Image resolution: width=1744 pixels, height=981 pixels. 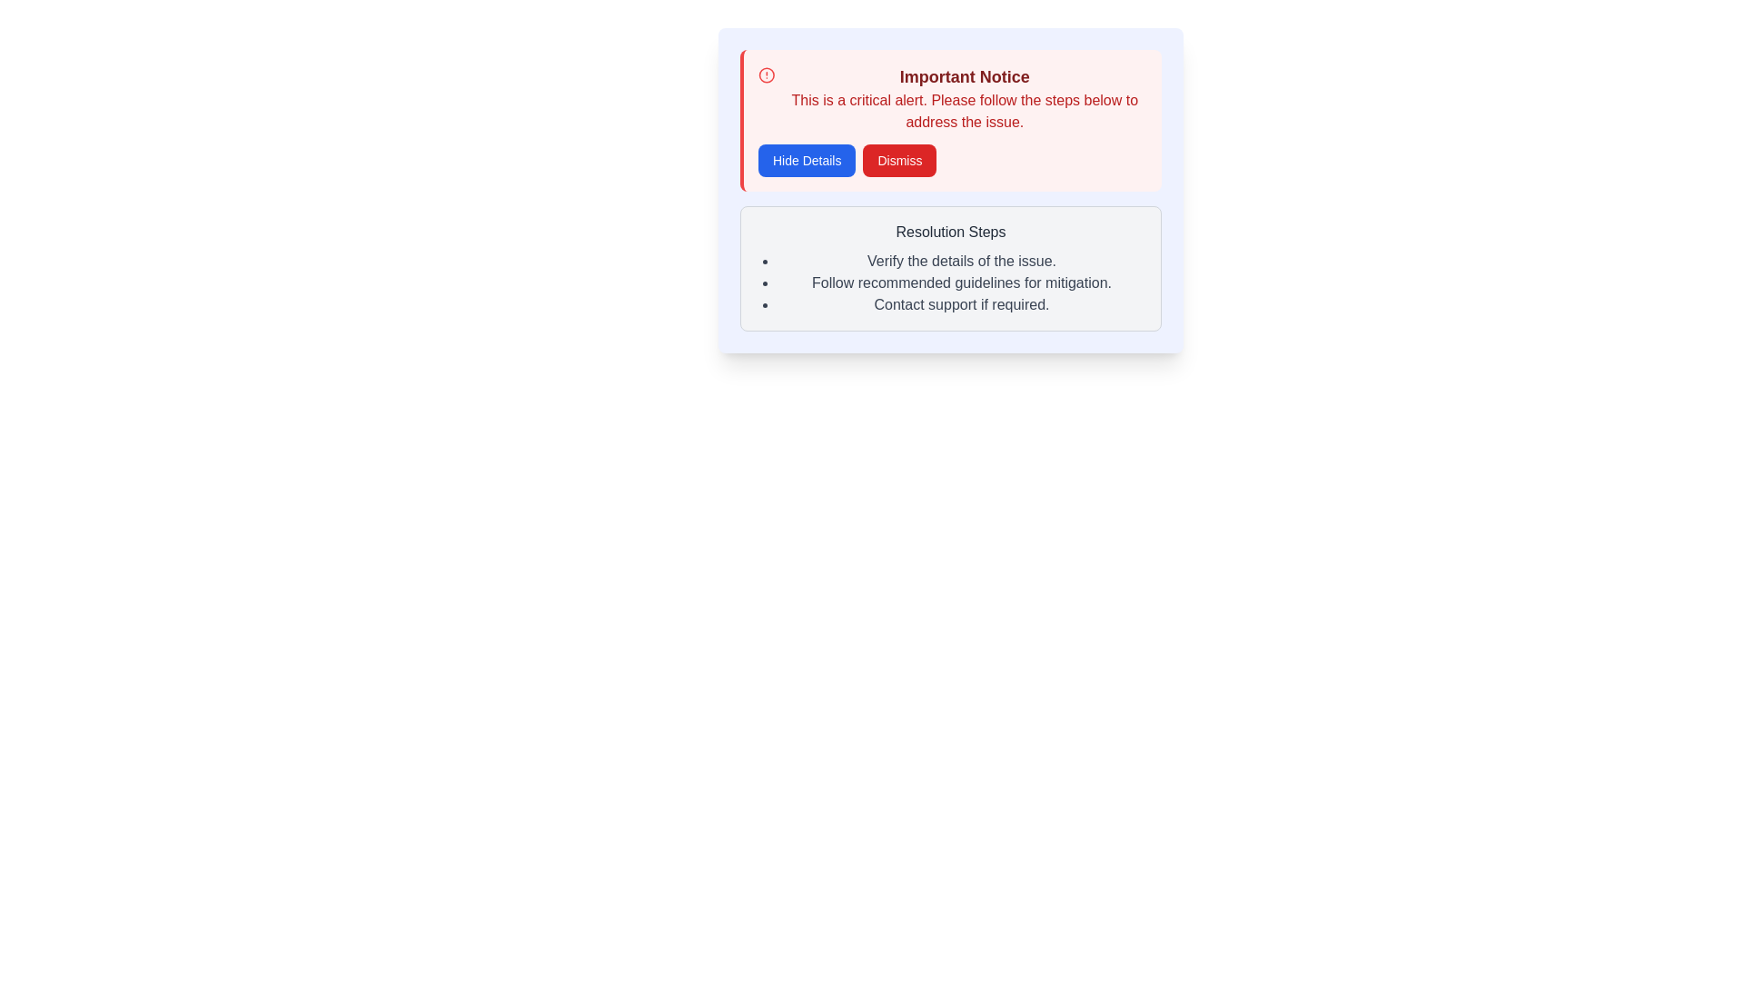 What do you see at coordinates (961, 283) in the screenshot?
I see `the static text element that states 'Follow recommended guidelines for mitigation.' which is the second item in the bulleted list under the section 'Resolution Steps' in the alert dialog box` at bounding box center [961, 283].